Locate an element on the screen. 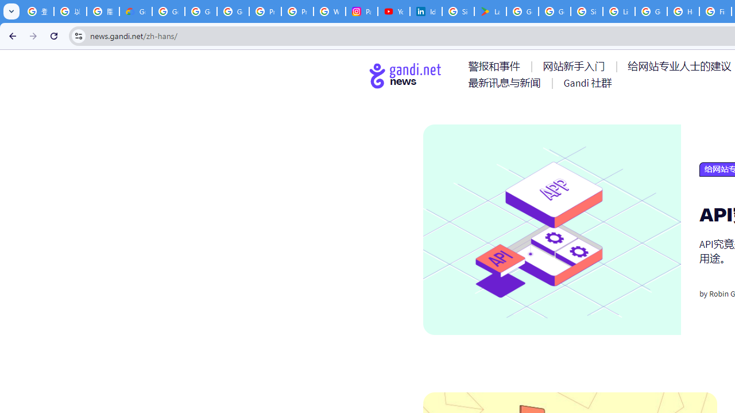 This screenshot has height=413, width=735. 'YouTube Culture & Trends - On The Rise: Handcam Videos' is located at coordinates (394, 11).